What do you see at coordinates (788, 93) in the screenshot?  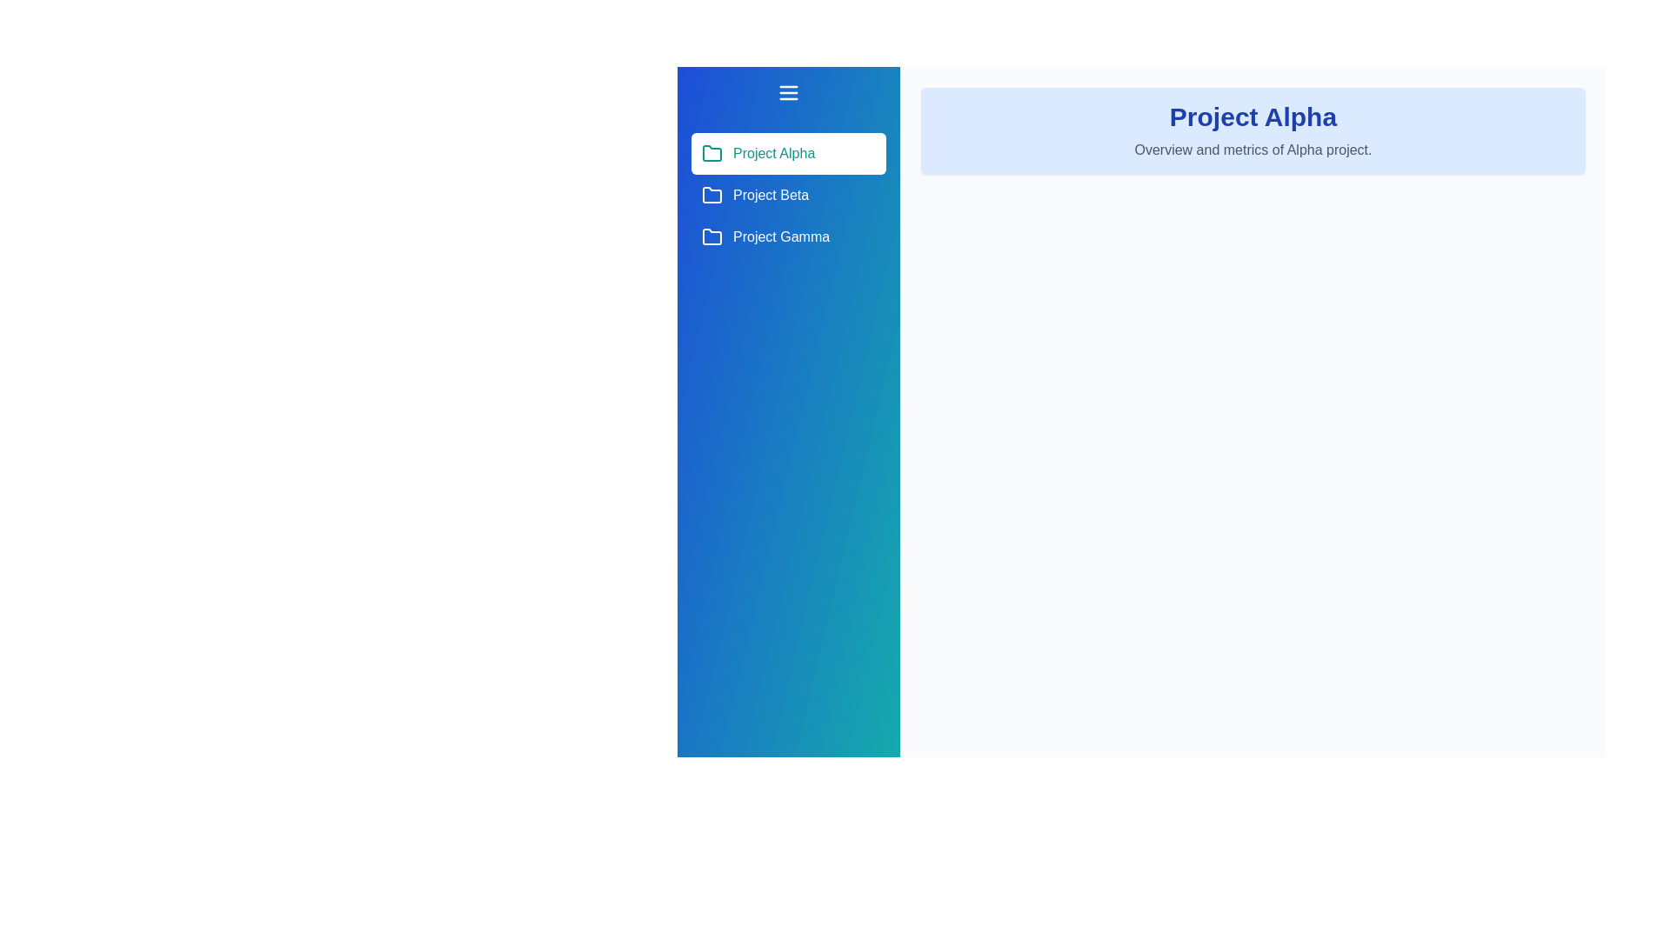 I see `the sidebar toggle button to toggle its visibility` at bounding box center [788, 93].